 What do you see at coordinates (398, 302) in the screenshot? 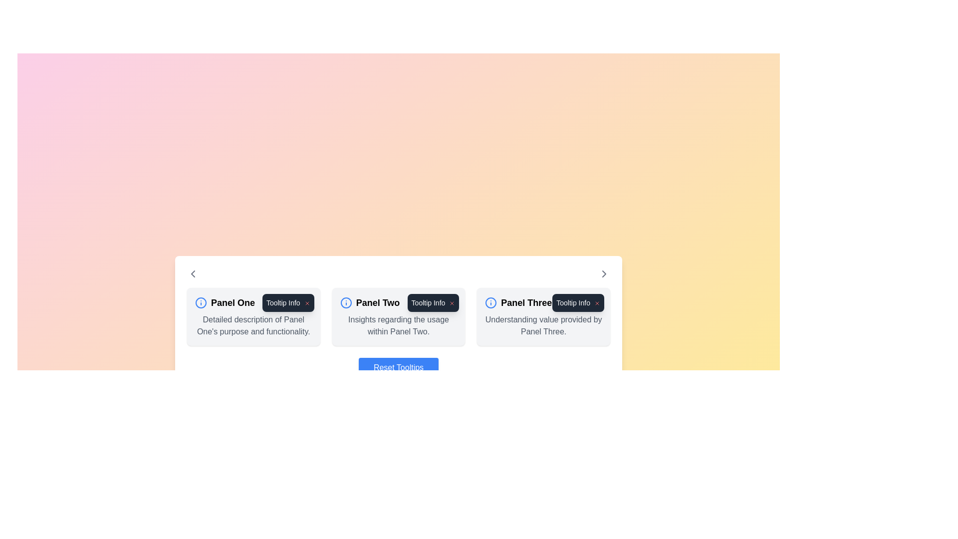
I see `the 'Panel Two' text label that features a blue information icon on its left` at bounding box center [398, 302].